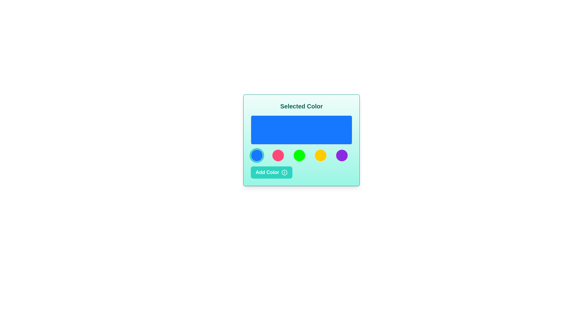  What do you see at coordinates (299, 155) in the screenshot?
I see `the circular green button that is the third item in a row of five buttons` at bounding box center [299, 155].